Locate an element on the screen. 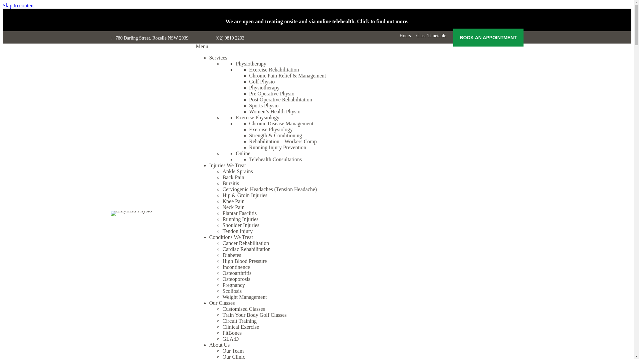 The height and width of the screenshot is (359, 639). 'Plantar Fasciitis' is located at coordinates (239, 213).